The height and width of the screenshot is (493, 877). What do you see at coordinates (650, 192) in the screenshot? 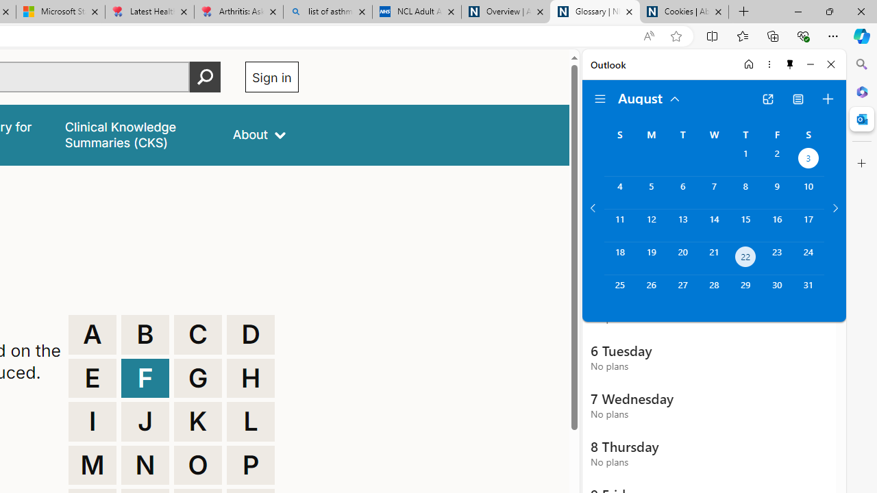
I see `'Monday, August 5, 2024. '` at bounding box center [650, 192].